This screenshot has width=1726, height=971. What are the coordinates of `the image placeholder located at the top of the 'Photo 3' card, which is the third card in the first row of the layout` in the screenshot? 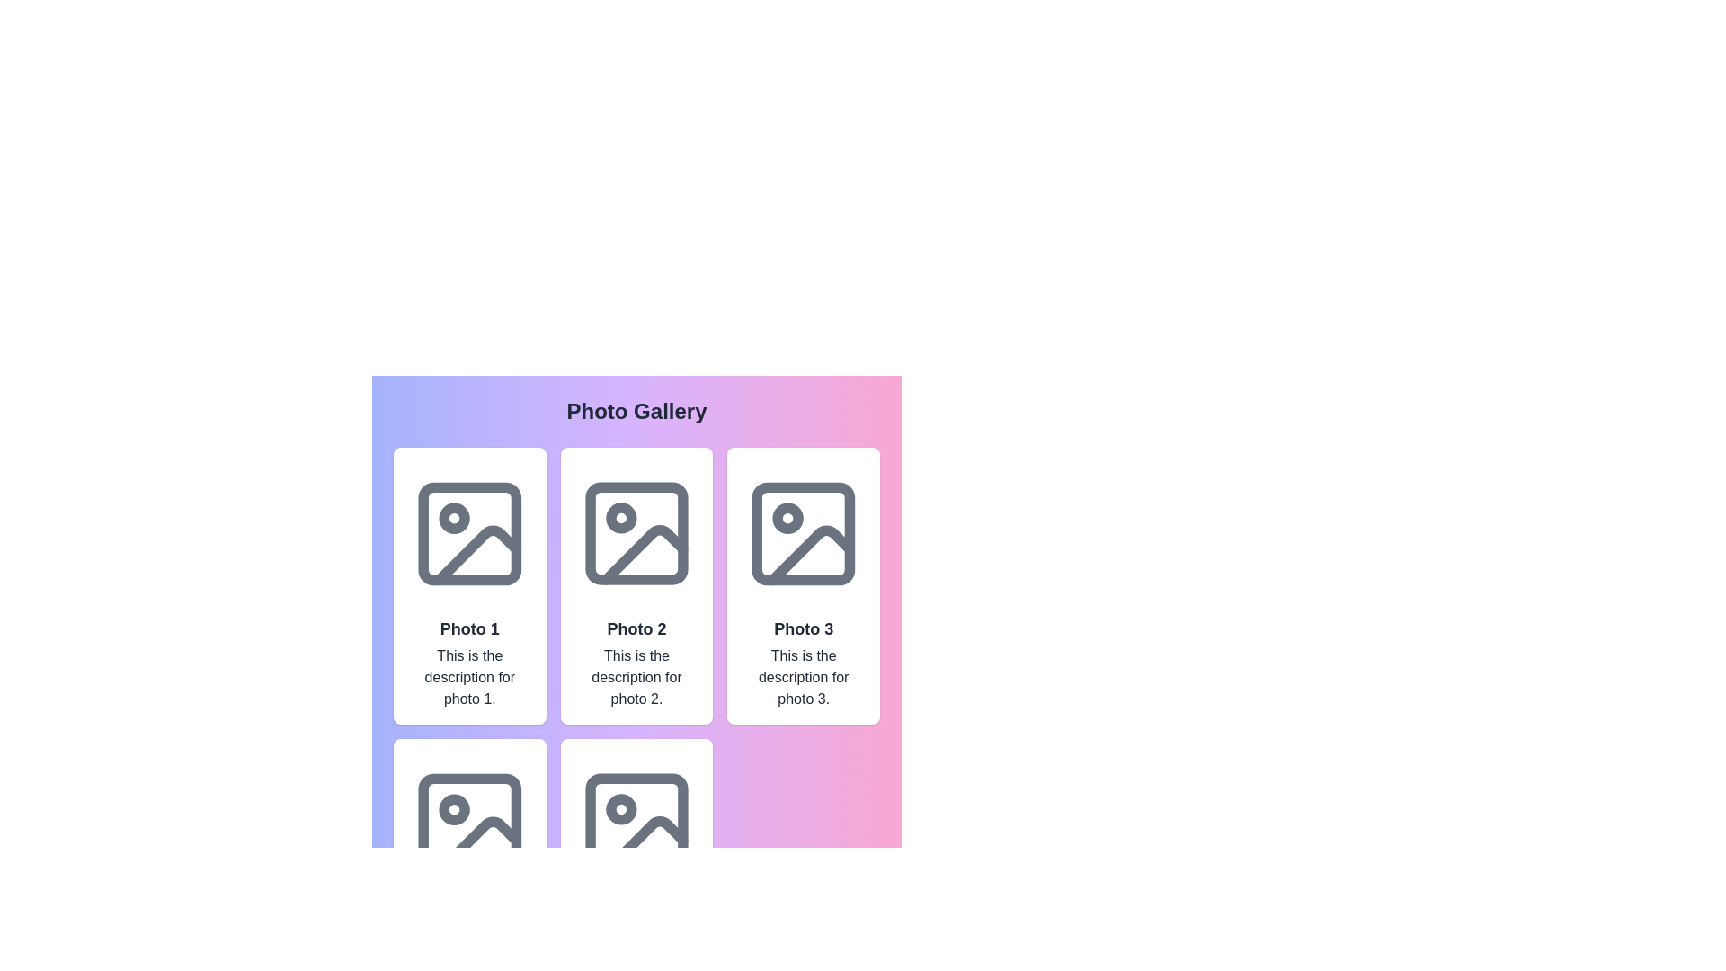 It's located at (803, 533).